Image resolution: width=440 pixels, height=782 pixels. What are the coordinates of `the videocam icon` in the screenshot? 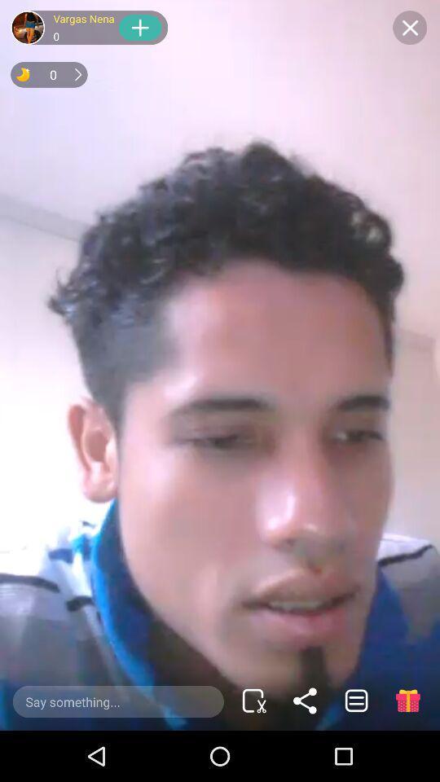 It's located at (253, 700).